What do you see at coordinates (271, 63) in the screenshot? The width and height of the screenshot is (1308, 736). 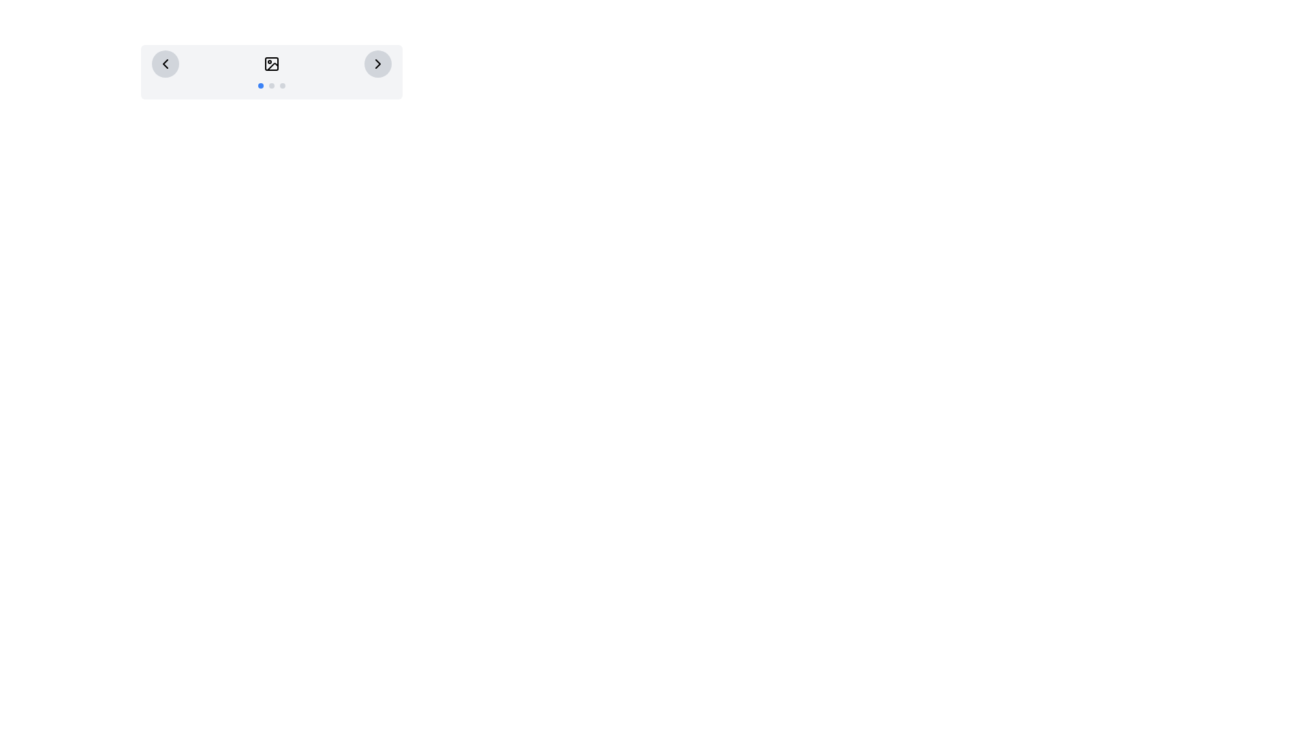 I see `the image display placeholder located at the center of the rectangular panel` at bounding box center [271, 63].